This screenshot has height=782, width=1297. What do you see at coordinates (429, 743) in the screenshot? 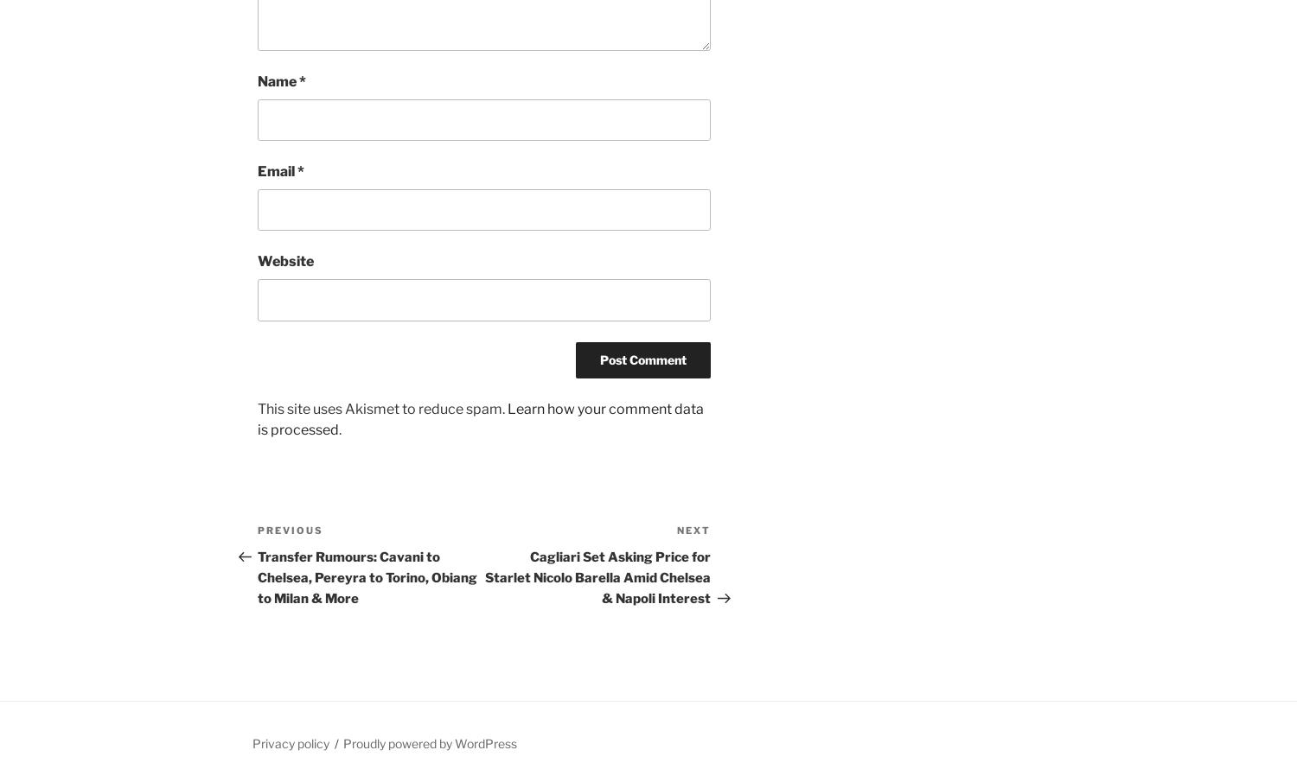
I see `'Proudly powered by WordPress'` at bounding box center [429, 743].